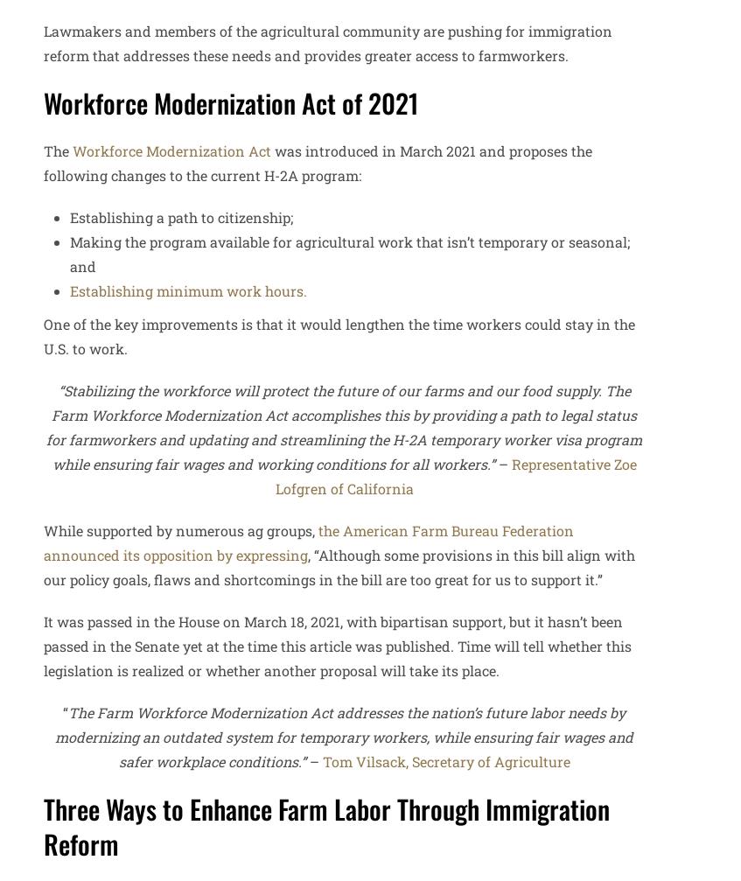 This screenshot has width=741, height=881. Describe the element at coordinates (70, 216) in the screenshot. I see `'Establishing a path to citizenship;'` at that location.